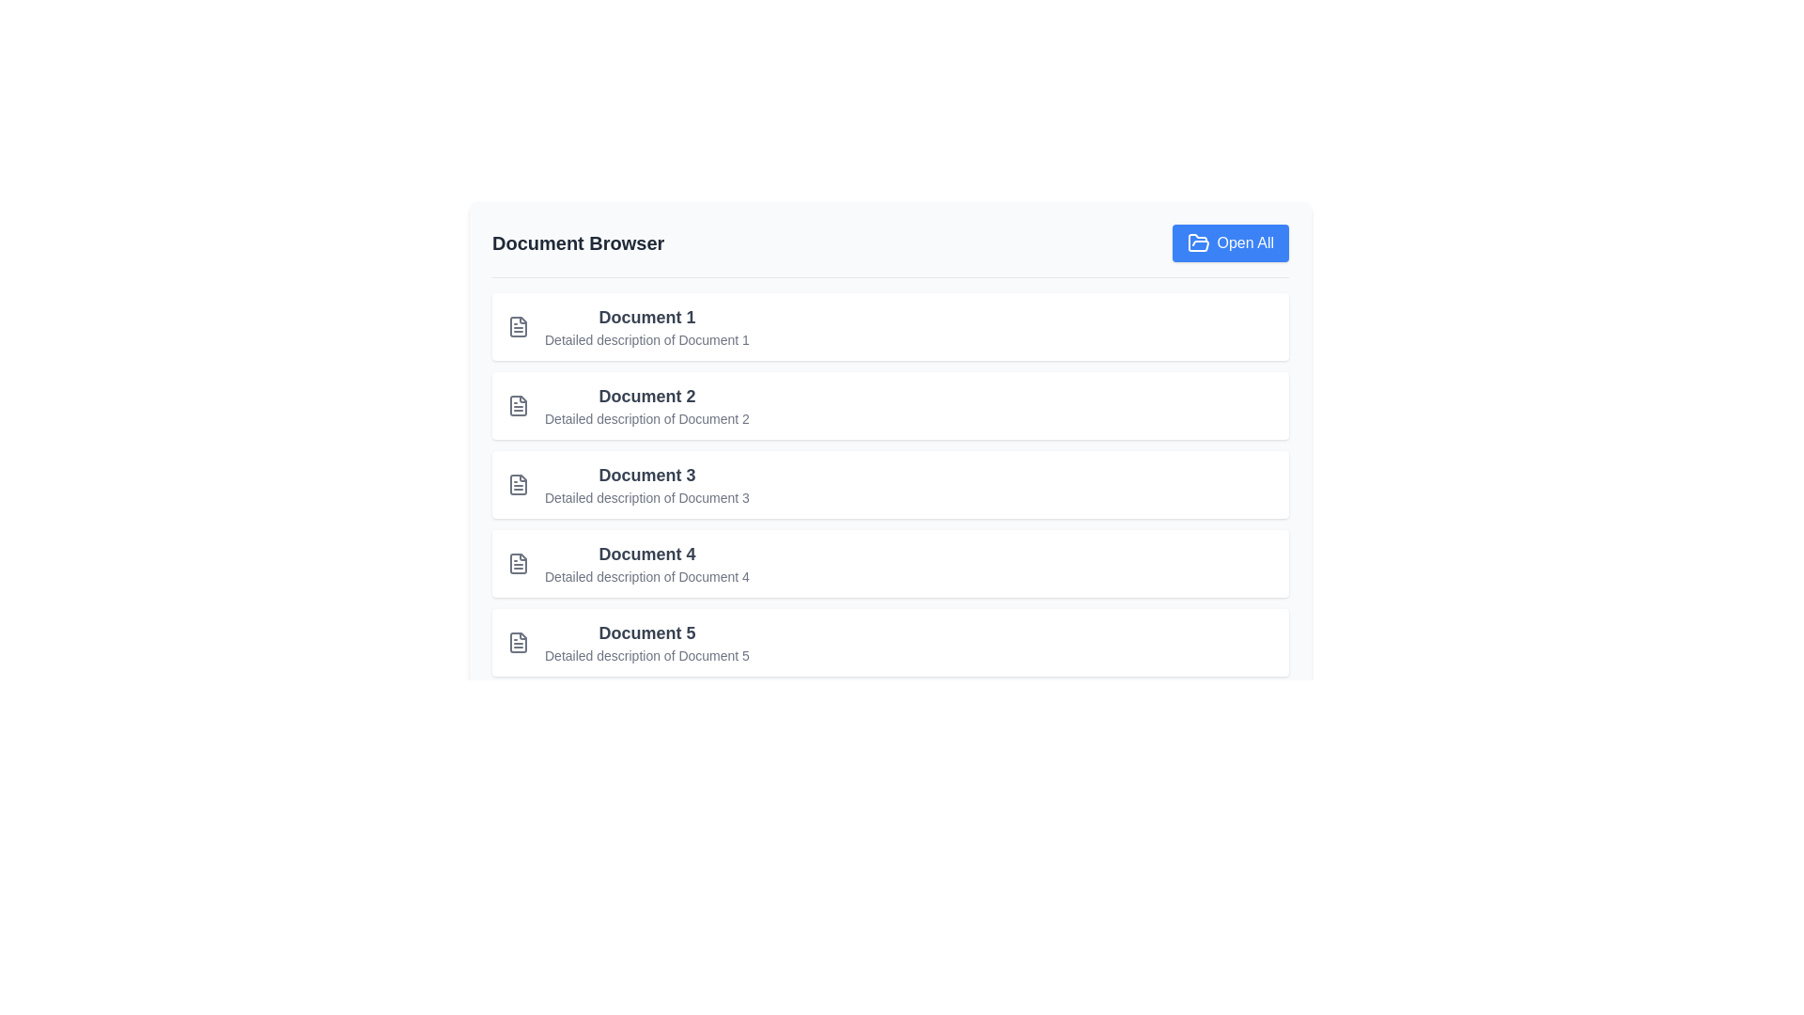 Image resolution: width=1804 pixels, height=1015 pixels. I want to click on the document icon representing 'Document 3', so click(519, 484).